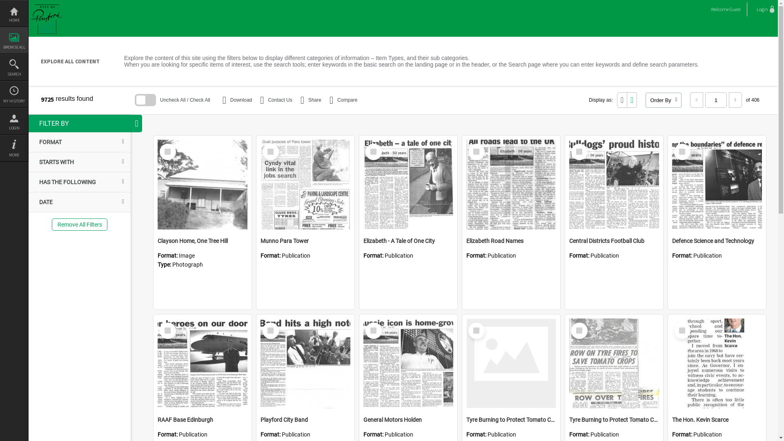 This screenshot has width=784, height=441. What do you see at coordinates (408, 420) in the screenshot?
I see `'General Motors Holden'` at bounding box center [408, 420].